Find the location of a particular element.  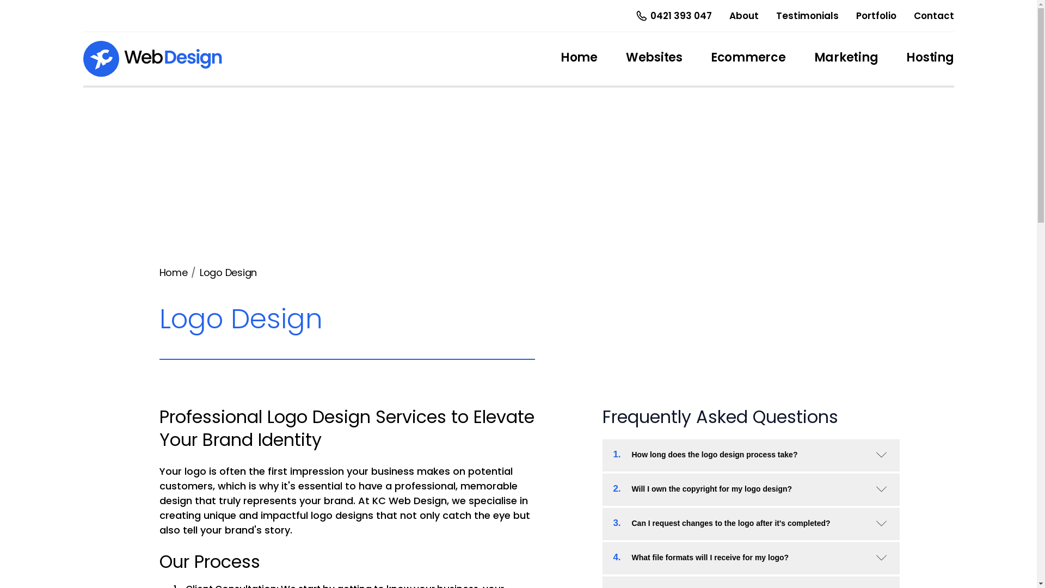

'1. is located at coordinates (749, 454).